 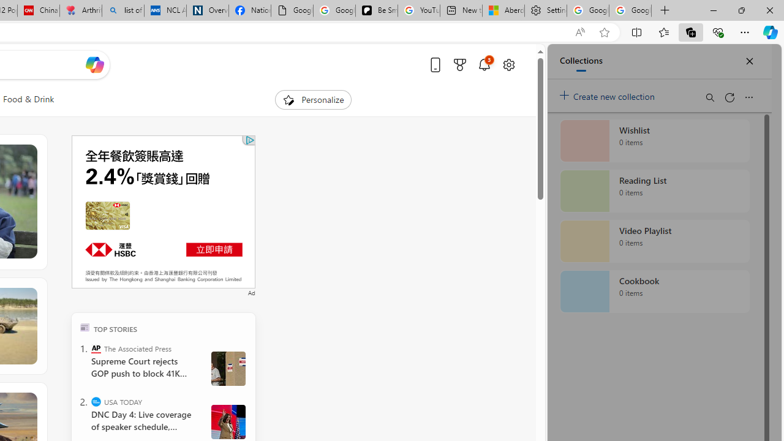 I want to click on 'Google Analytics Opt-out Browser Add-on Download Page', so click(x=291, y=10).